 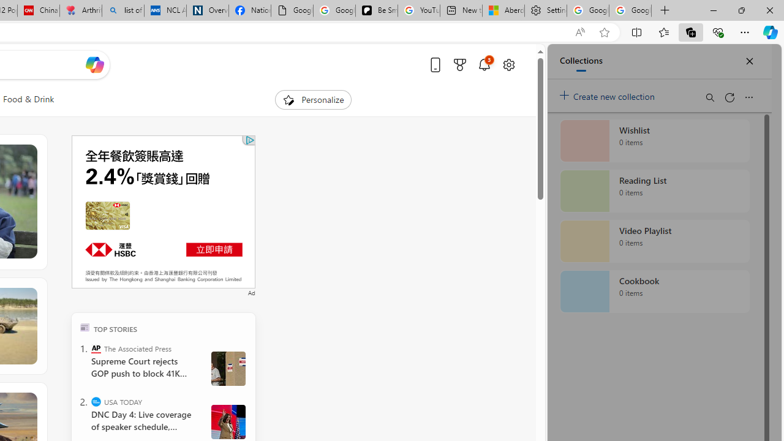 I want to click on 'Google Analytics Opt-out Browser Add-on Download Page', so click(x=291, y=10).